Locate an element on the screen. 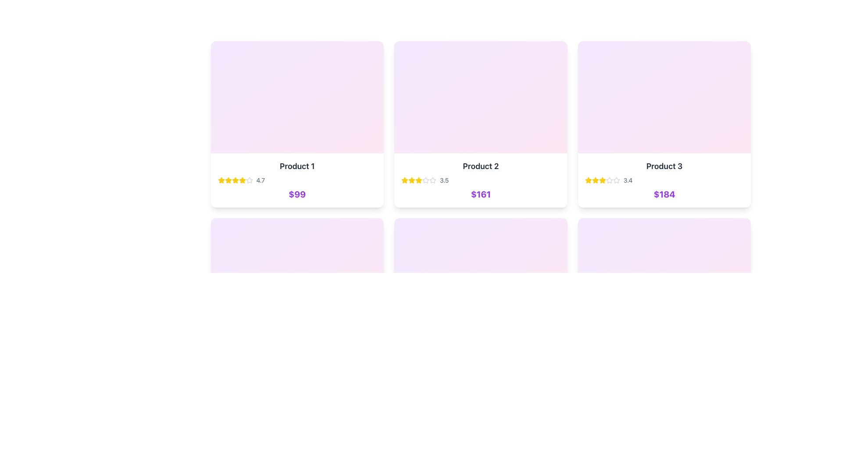  the horizontal button group in the top right corner of the 'Product 1' card layout is located at coordinates (361, 54).